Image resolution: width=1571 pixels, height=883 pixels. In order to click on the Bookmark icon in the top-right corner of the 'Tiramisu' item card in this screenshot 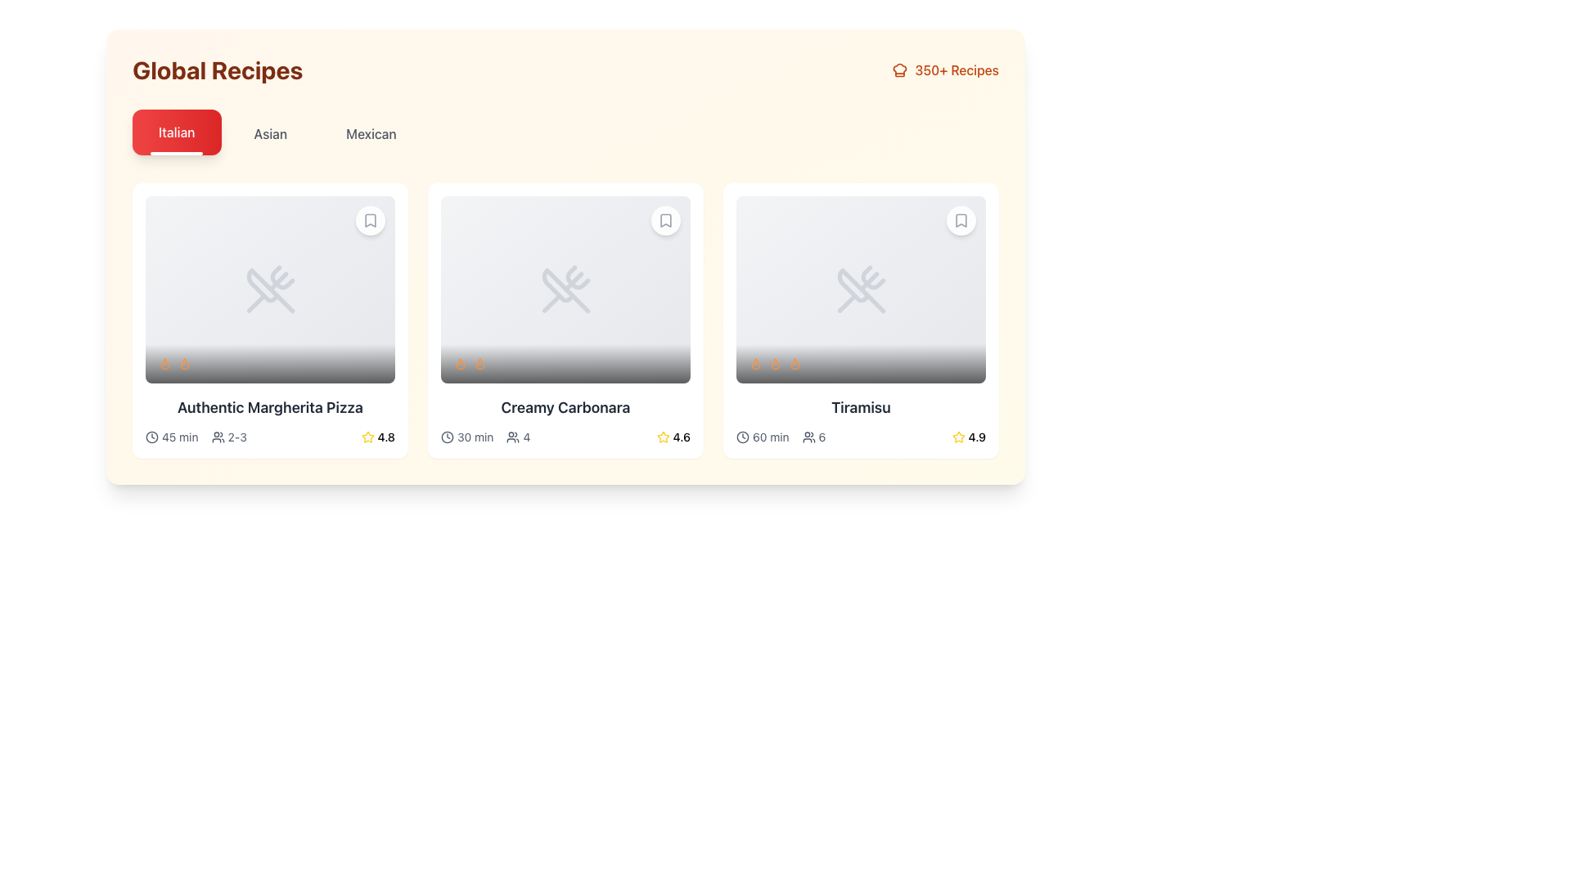, I will do `click(961, 221)`.